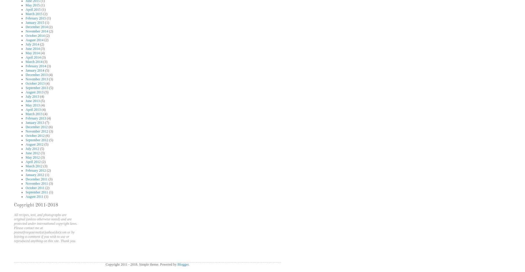 The width and height of the screenshot is (525, 272). Describe the element at coordinates (36, 31) in the screenshot. I see `'November 2014'` at that location.